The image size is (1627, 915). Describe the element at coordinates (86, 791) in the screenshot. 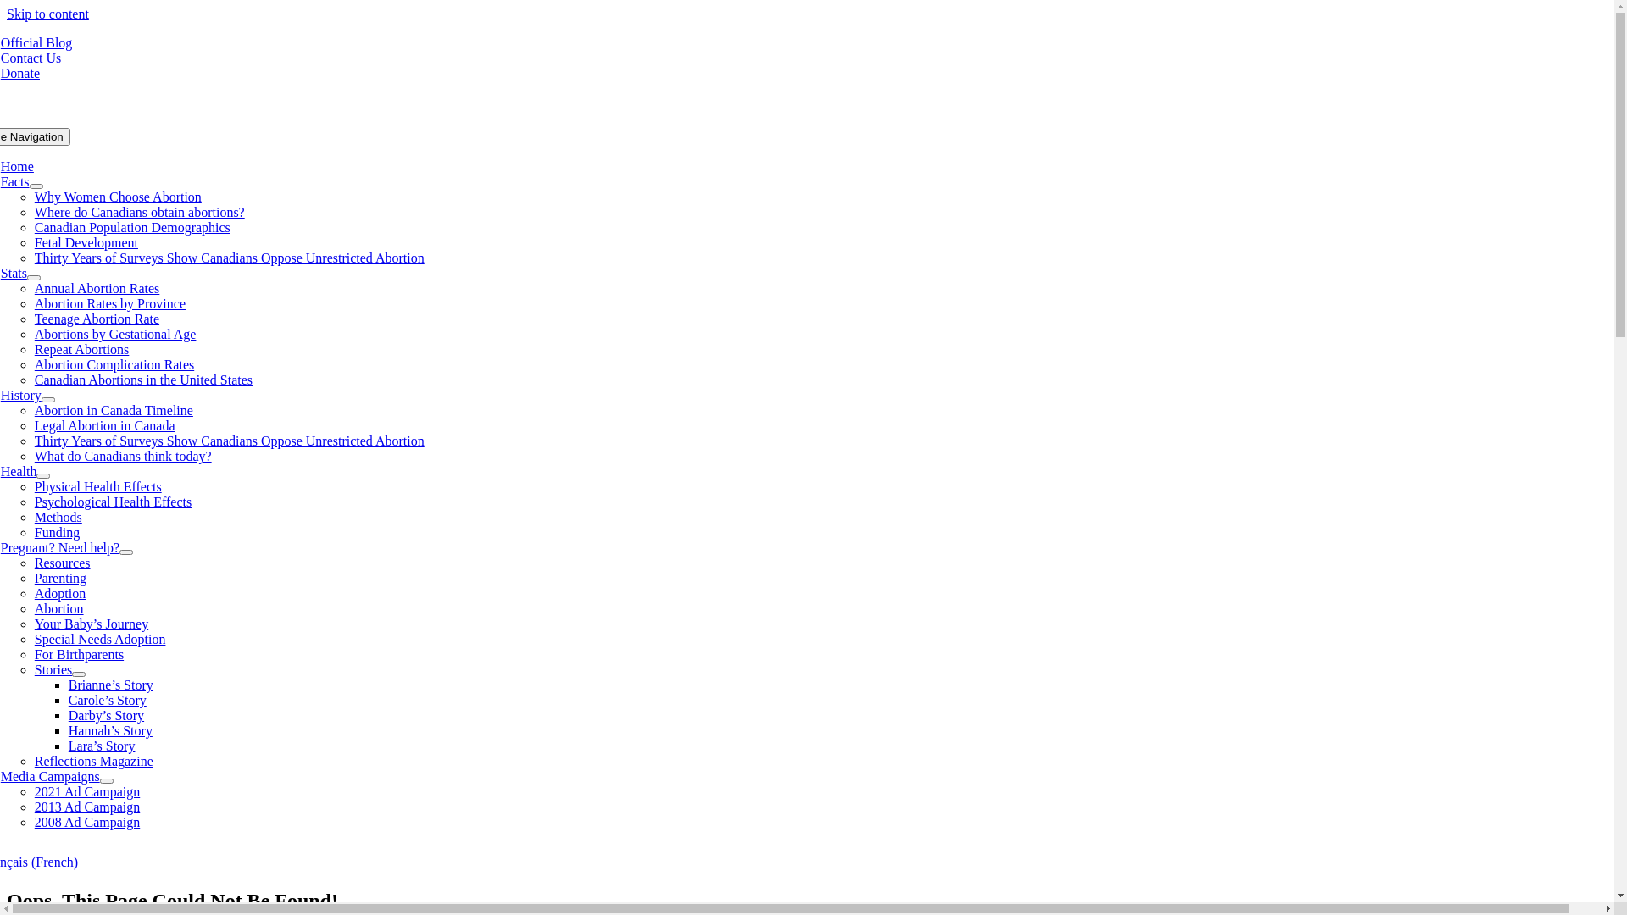

I see `'2021 Ad Campaign'` at that location.